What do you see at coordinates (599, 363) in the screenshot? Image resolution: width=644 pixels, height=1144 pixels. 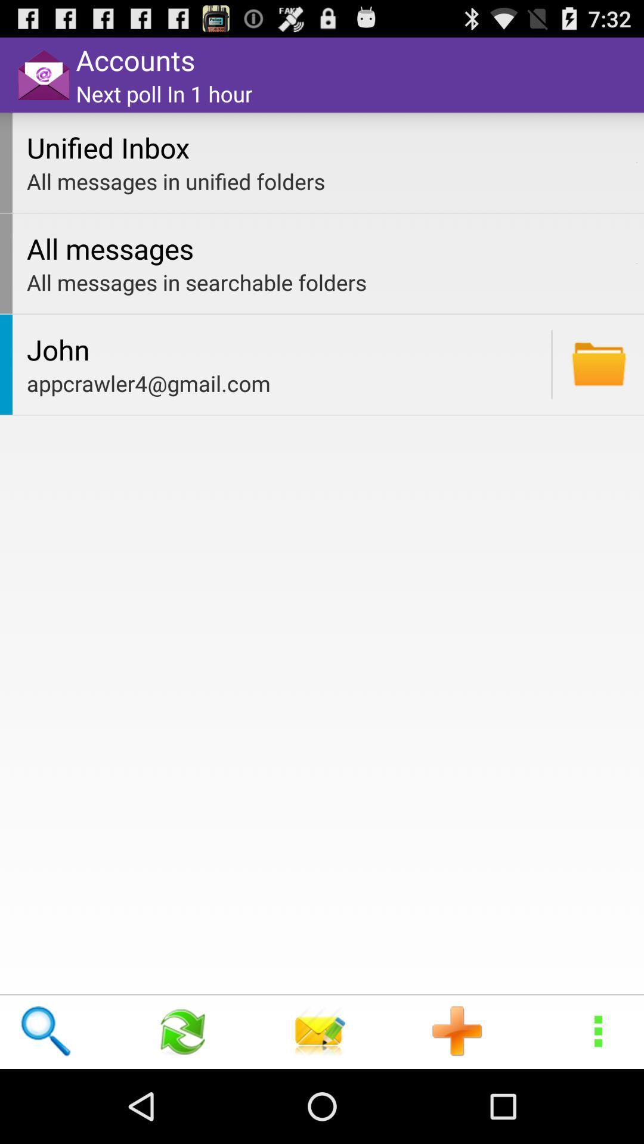 I see `open folder` at bounding box center [599, 363].